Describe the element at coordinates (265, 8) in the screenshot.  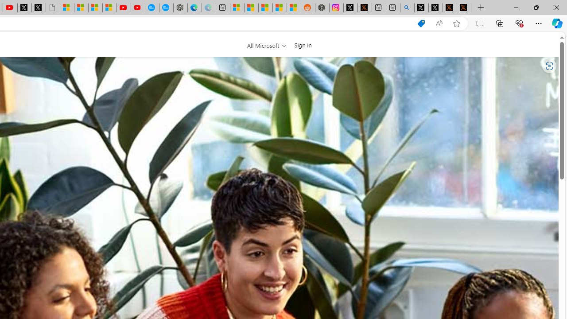
I see `'Shanghai, China hourly forecast | Microsoft Weather'` at that location.